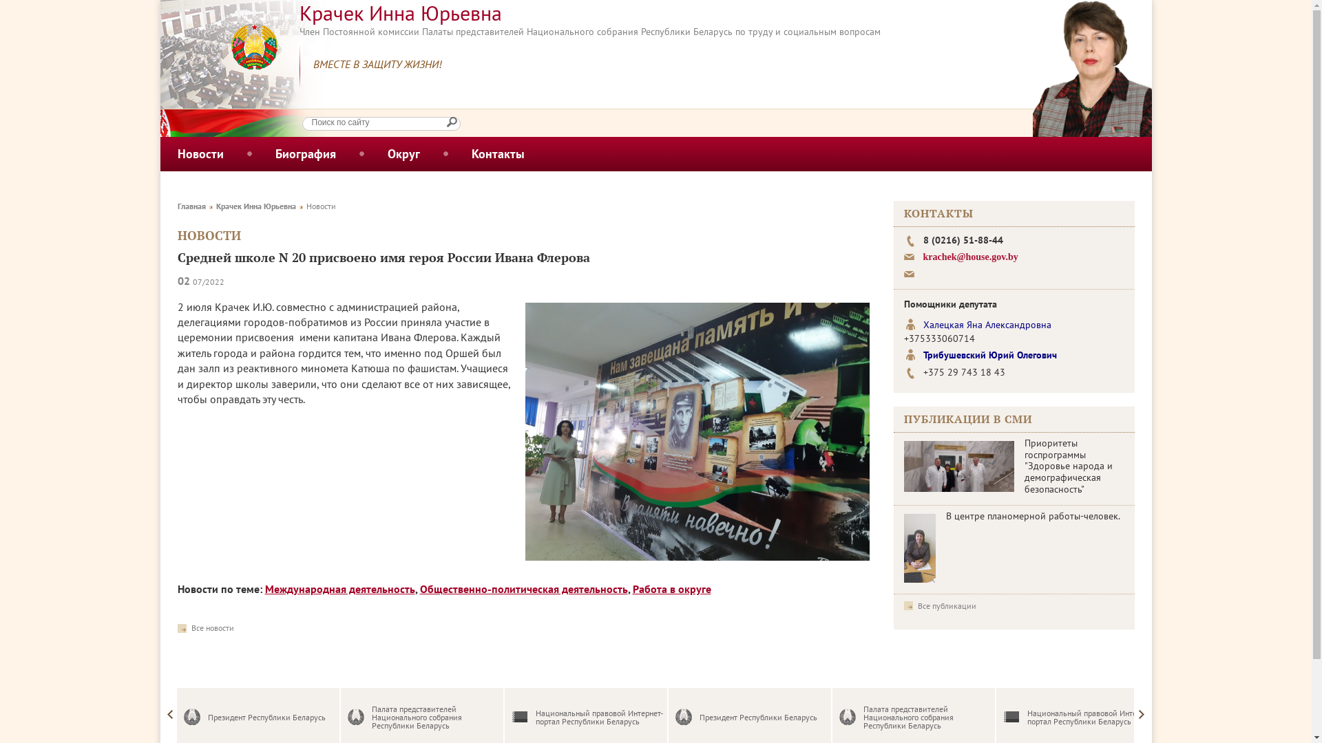 The height and width of the screenshot is (743, 1322). Describe the element at coordinates (969, 257) in the screenshot. I see `'krachek@house.gov.by'` at that location.